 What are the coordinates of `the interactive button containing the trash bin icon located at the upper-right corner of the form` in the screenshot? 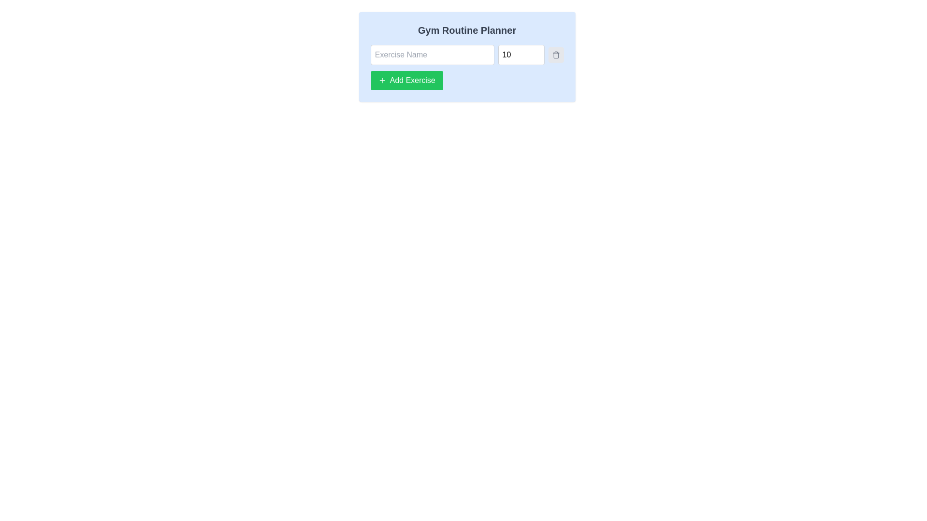 It's located at (556, 55).